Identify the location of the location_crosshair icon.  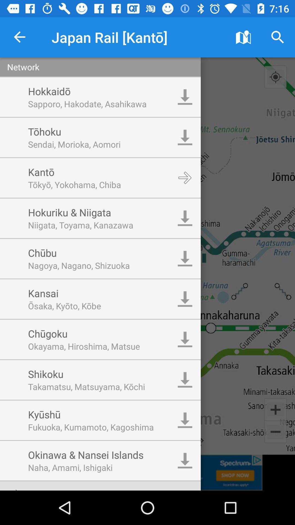
(275, 77).